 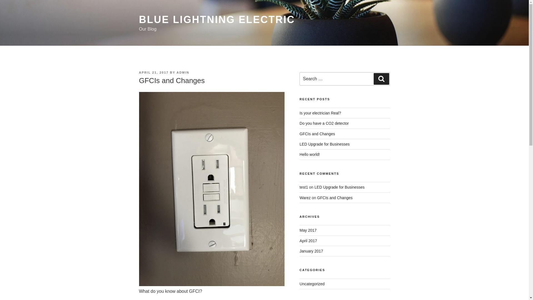 What do you see at coordinates (154, 72) in the screenshot?
I see `'APRIL 21, 2017'` at bounding box center [154, 72].